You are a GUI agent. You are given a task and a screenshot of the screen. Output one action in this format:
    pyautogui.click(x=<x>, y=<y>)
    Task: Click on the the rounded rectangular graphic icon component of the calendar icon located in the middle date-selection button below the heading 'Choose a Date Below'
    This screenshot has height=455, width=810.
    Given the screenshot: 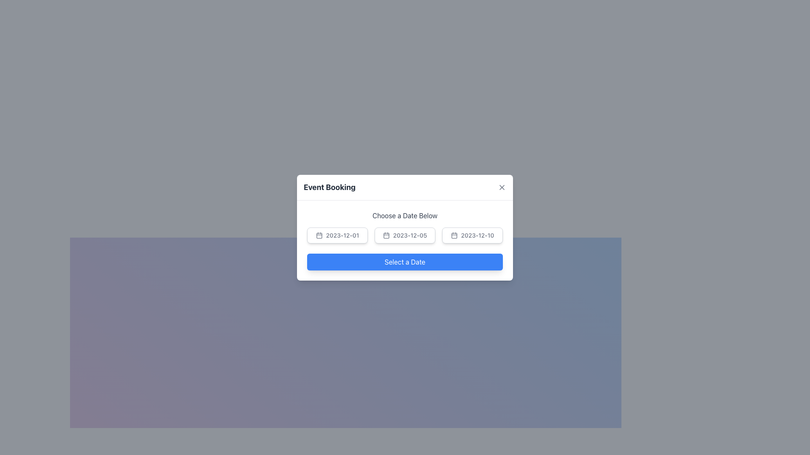 What is the action you would take?
    pyautogui.click(x=386, y=236)
    